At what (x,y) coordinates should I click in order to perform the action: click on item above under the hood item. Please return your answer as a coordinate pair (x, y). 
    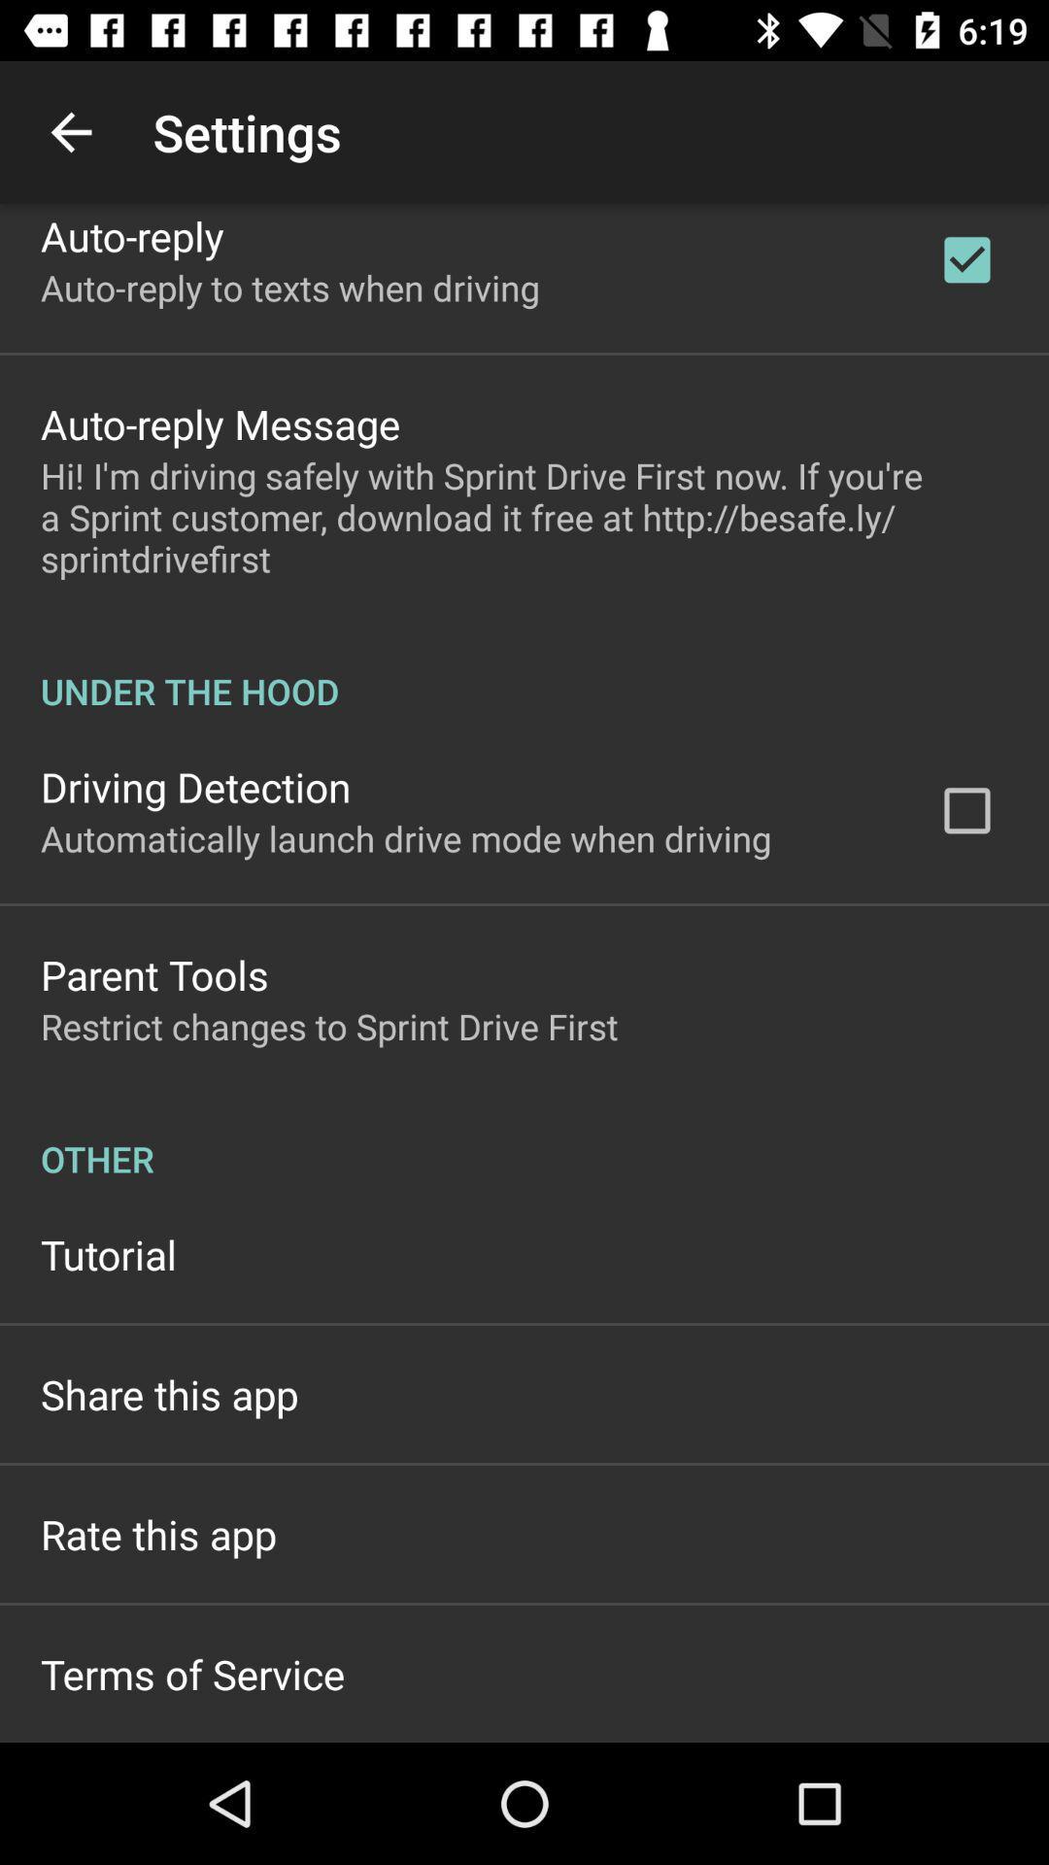
    Looking at the image, I should click on (524, 517).